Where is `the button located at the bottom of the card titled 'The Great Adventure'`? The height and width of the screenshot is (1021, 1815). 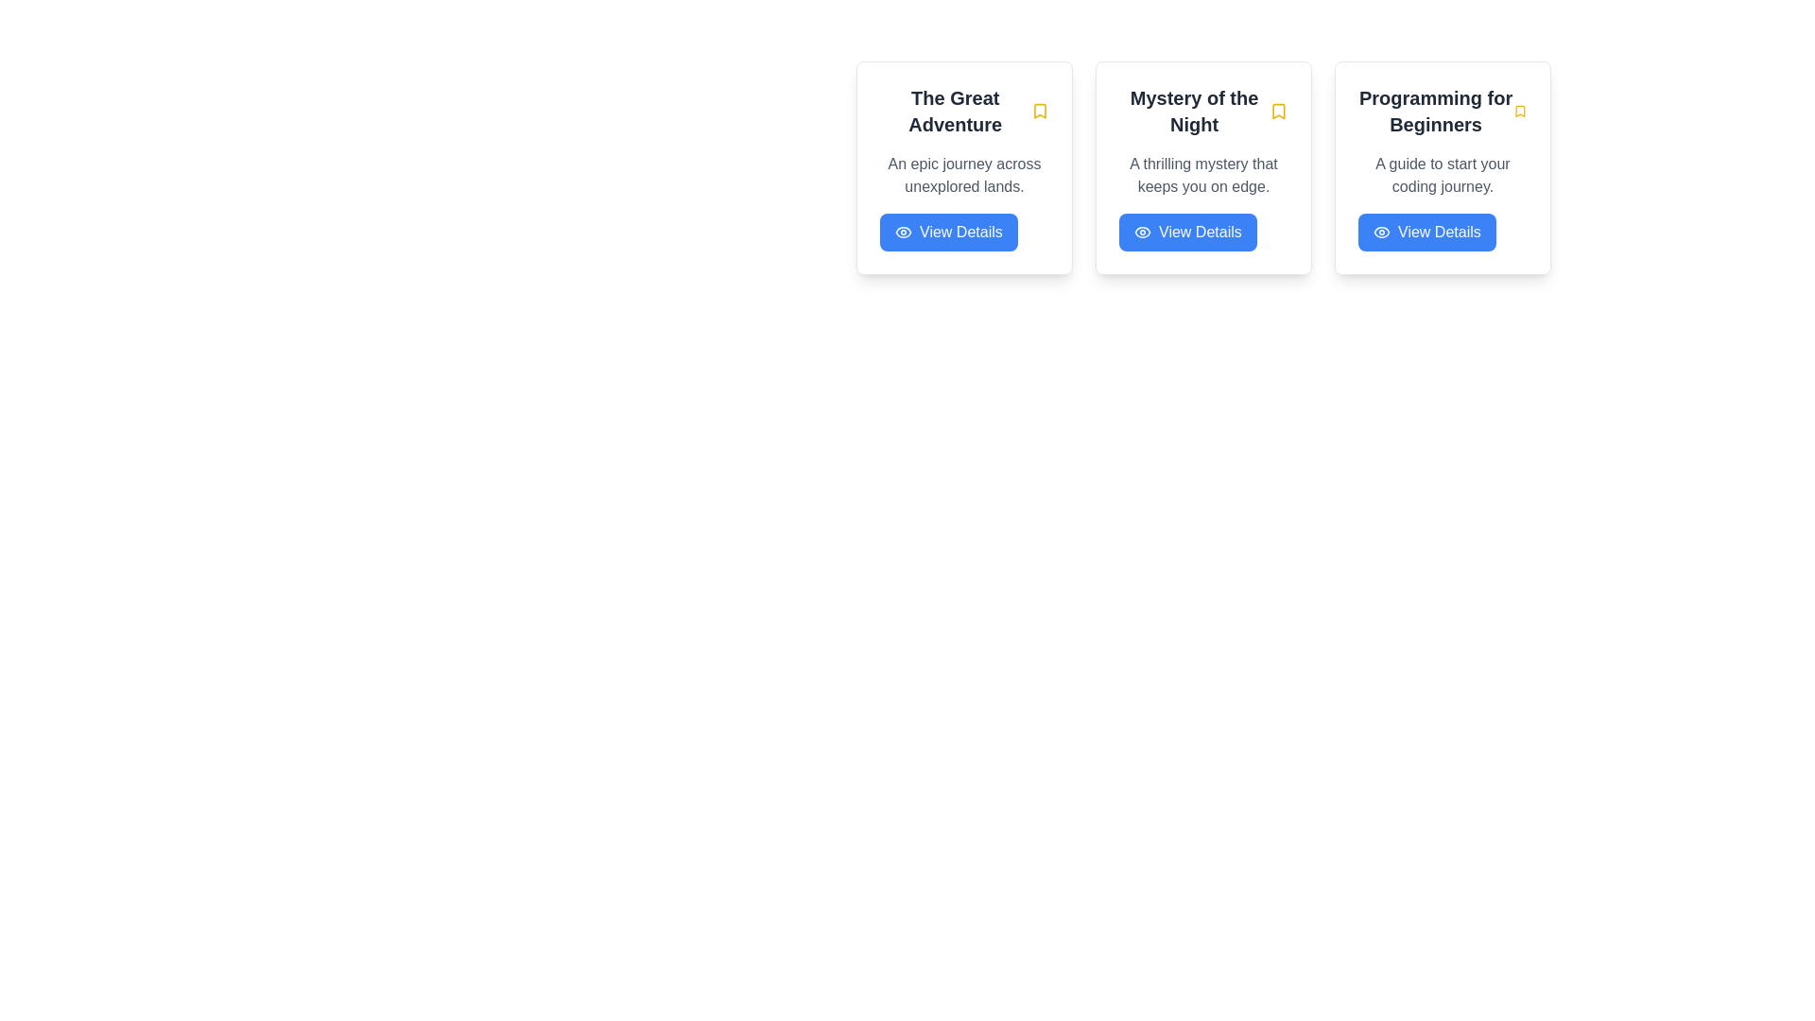
the button located at the bottom of the card titled 'The Great Adventure' is located at coordinates (948, 232).